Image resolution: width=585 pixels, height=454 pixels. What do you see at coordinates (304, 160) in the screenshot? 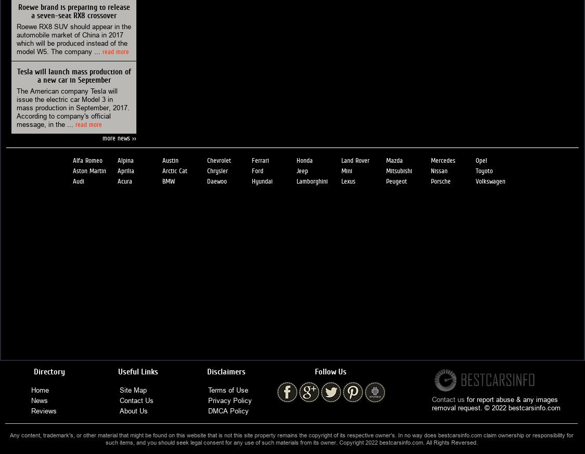
I see `'Honda'` at bounding box center [304, 160].